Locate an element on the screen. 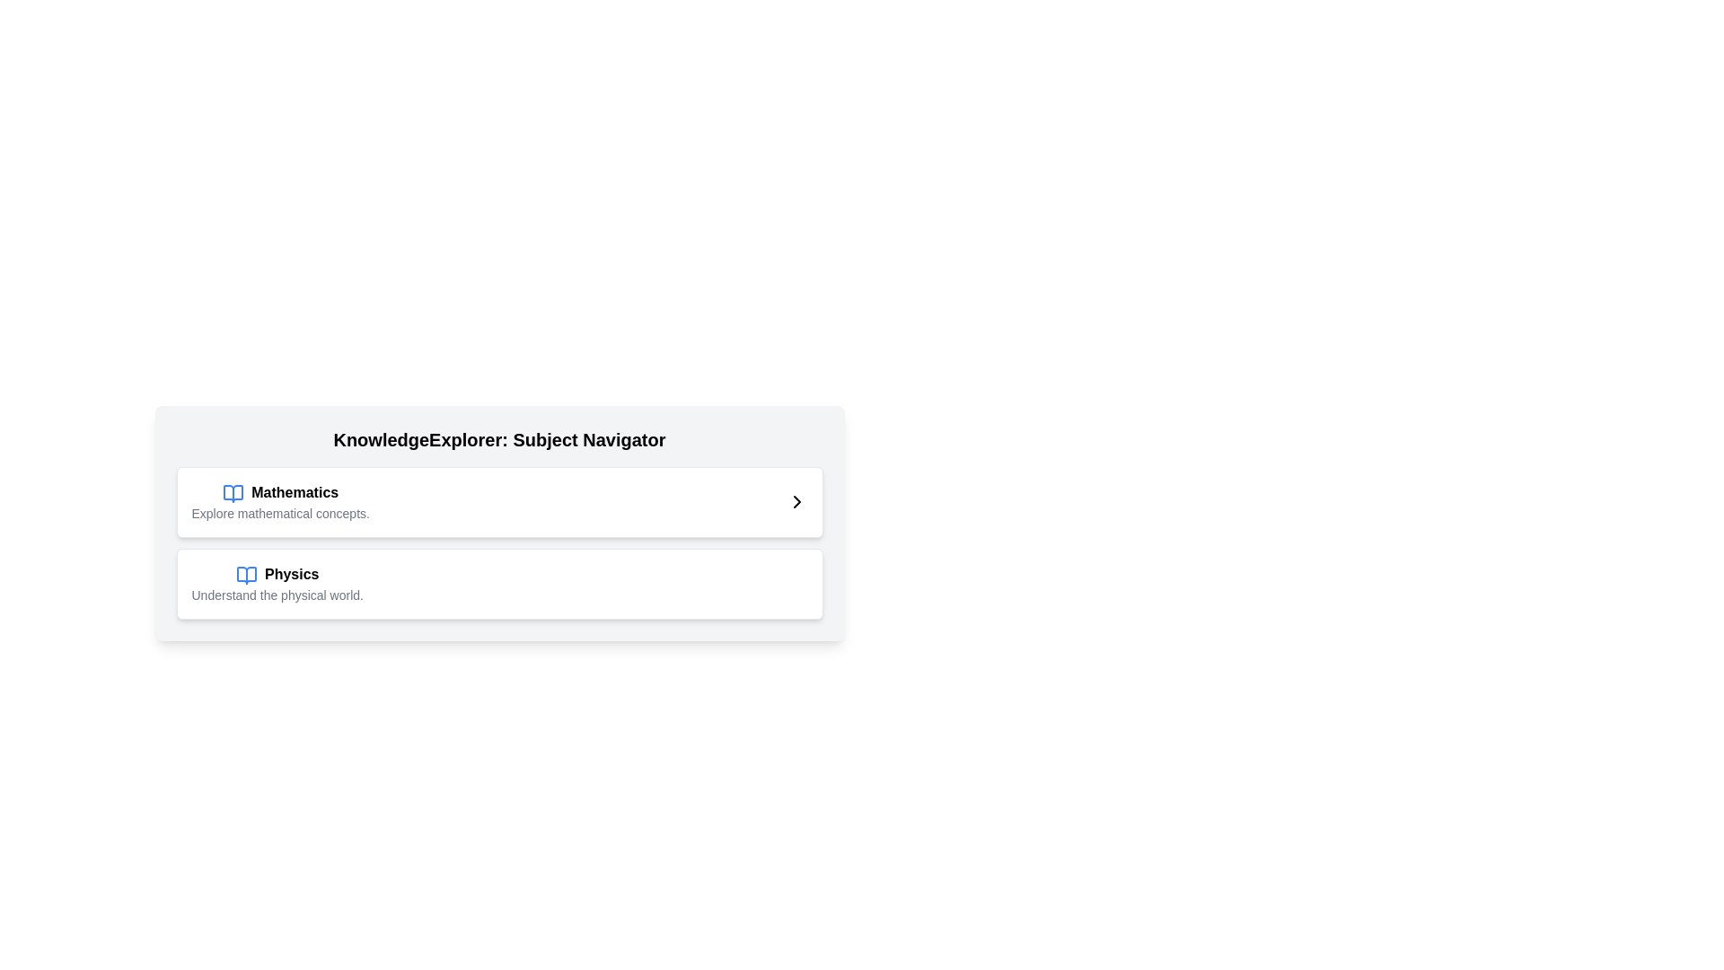  the Mathematics category icon to trigger the tooltip or highlight effect is located at coordinates (233, 493).